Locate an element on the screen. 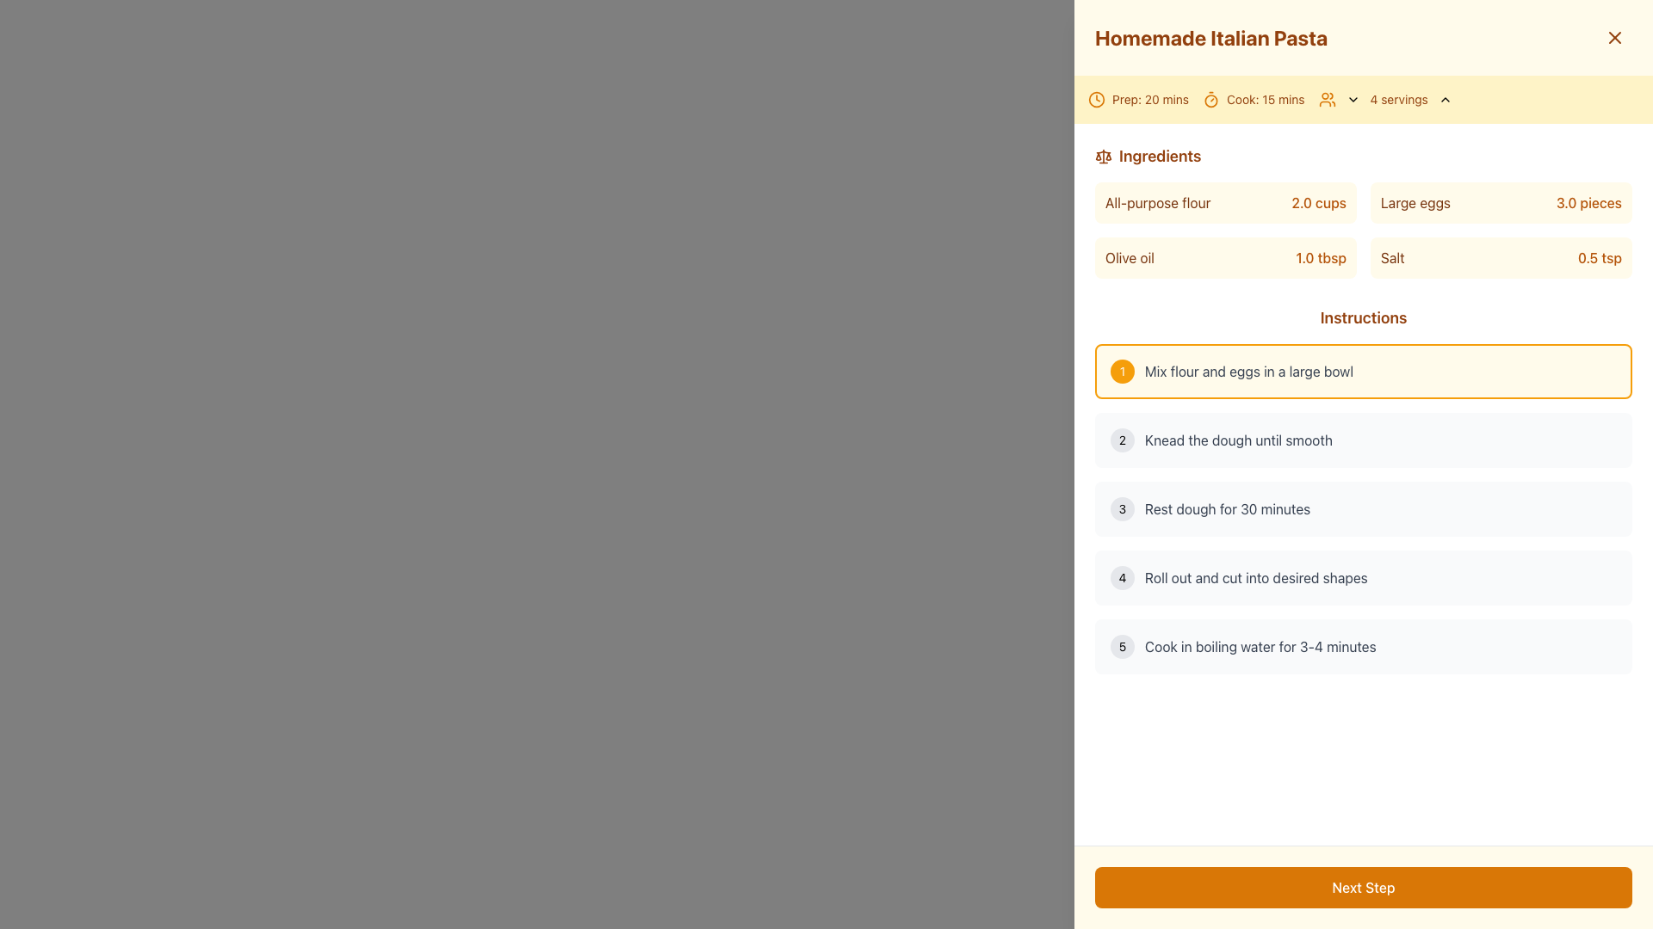 The width and height of the screenshot is (1653, 929). the Text label displaying the number of servings for the recipe, located near the top of the interface to the right of a person icon is located at coordinates (1399, 99).